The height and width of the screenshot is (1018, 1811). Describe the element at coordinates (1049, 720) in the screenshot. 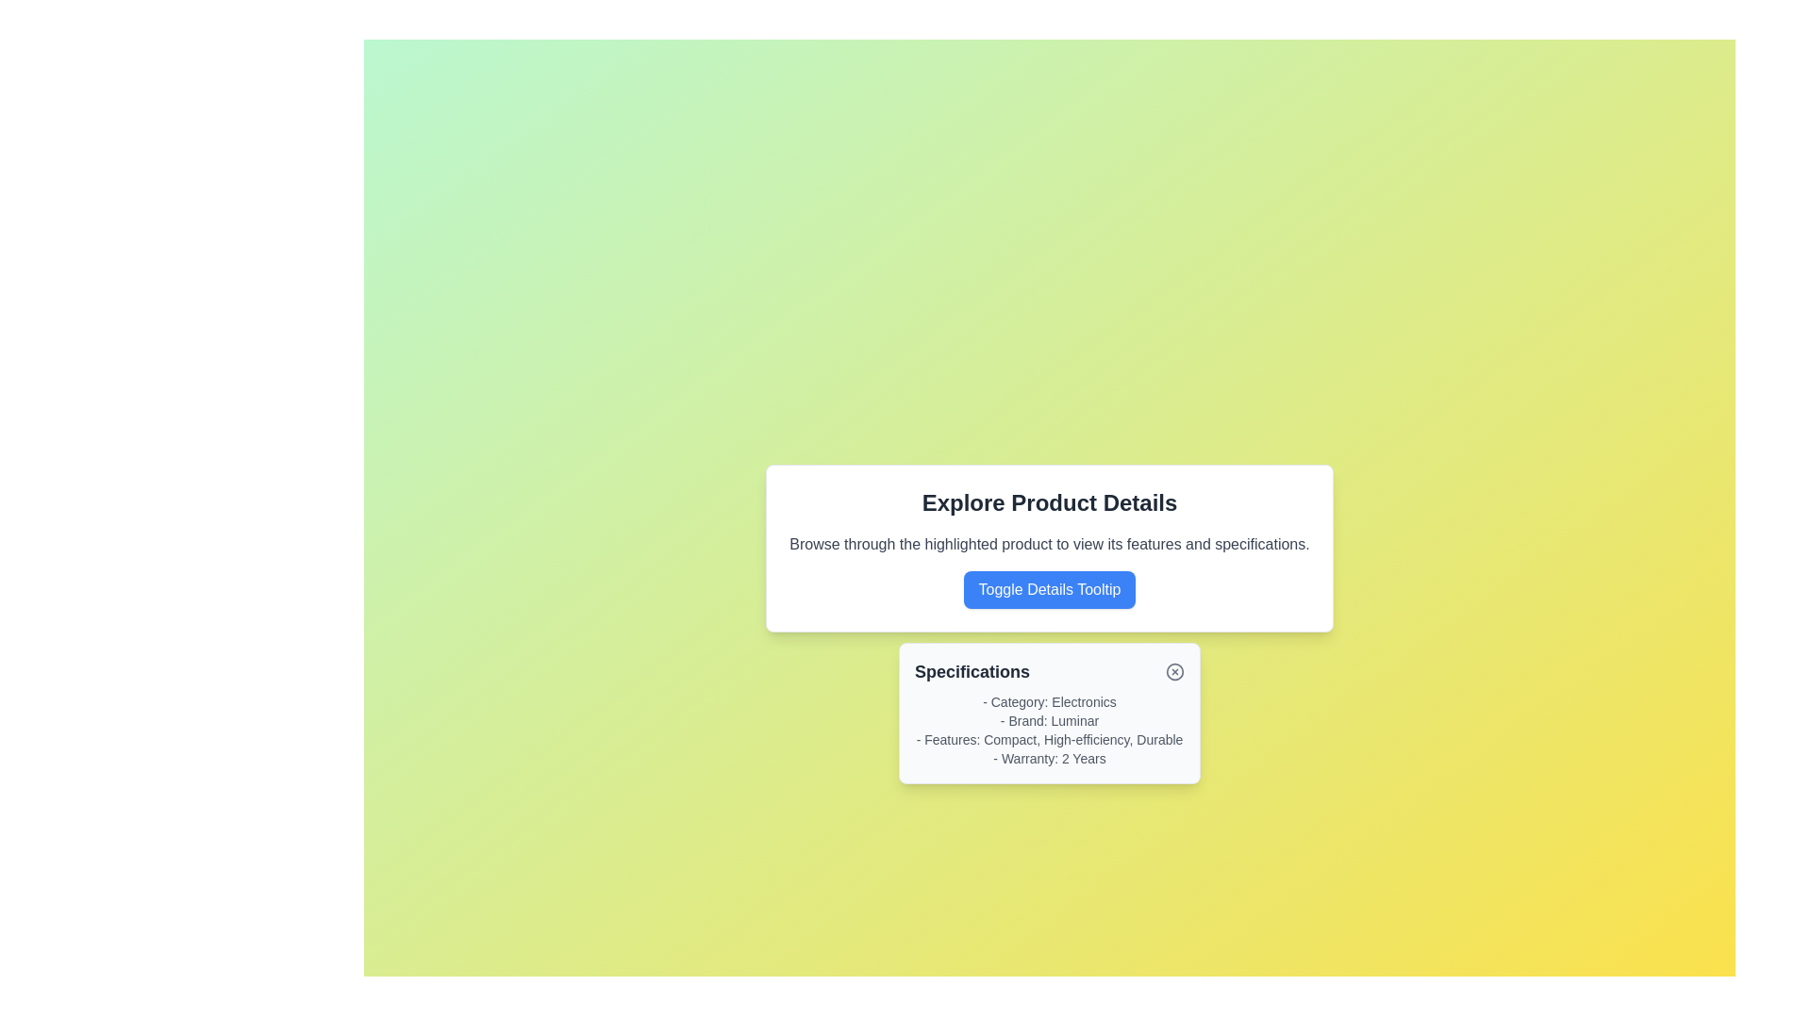

I see `informational text display showing the brand name 'Luminar' located in the 'Specifications' section, which is the second item in the list of four` at that location.